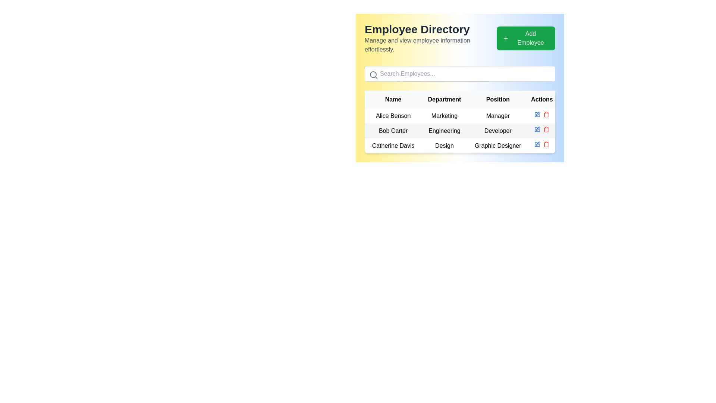 The image size is (716, 403). I want to click on the button that allows the user to add a new employee to the directory, located to the right of the 'Employee Directory' title as the last element in the row, so click(525, 38).